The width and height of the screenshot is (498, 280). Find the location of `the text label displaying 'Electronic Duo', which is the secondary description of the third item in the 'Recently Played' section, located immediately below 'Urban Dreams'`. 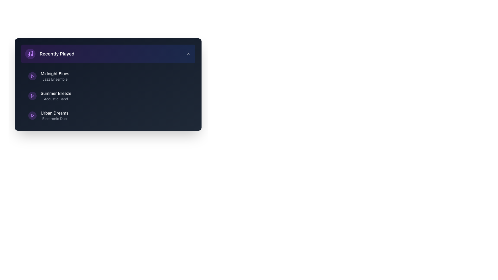

the text label displaying 'Electronic Duo', which is the secondary description of the third item in the 'Recently Played' section, located immediately below 'Urban Dreams' is located at coordinates (54, 119).